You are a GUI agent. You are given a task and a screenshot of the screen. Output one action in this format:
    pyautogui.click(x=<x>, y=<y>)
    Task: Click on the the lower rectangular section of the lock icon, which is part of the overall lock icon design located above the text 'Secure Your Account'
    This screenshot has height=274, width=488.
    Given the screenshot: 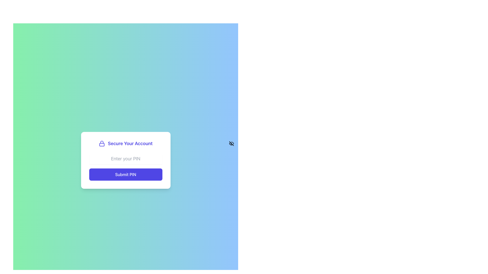 What is the action you would take?
    pyautogui.click(x=102, y=145)
    